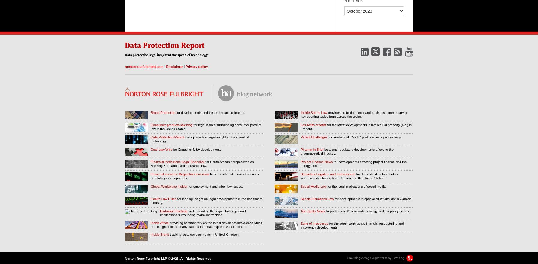 The image size is (538, 264). I want to click on 'Patent Challenges', so click(314, 137).